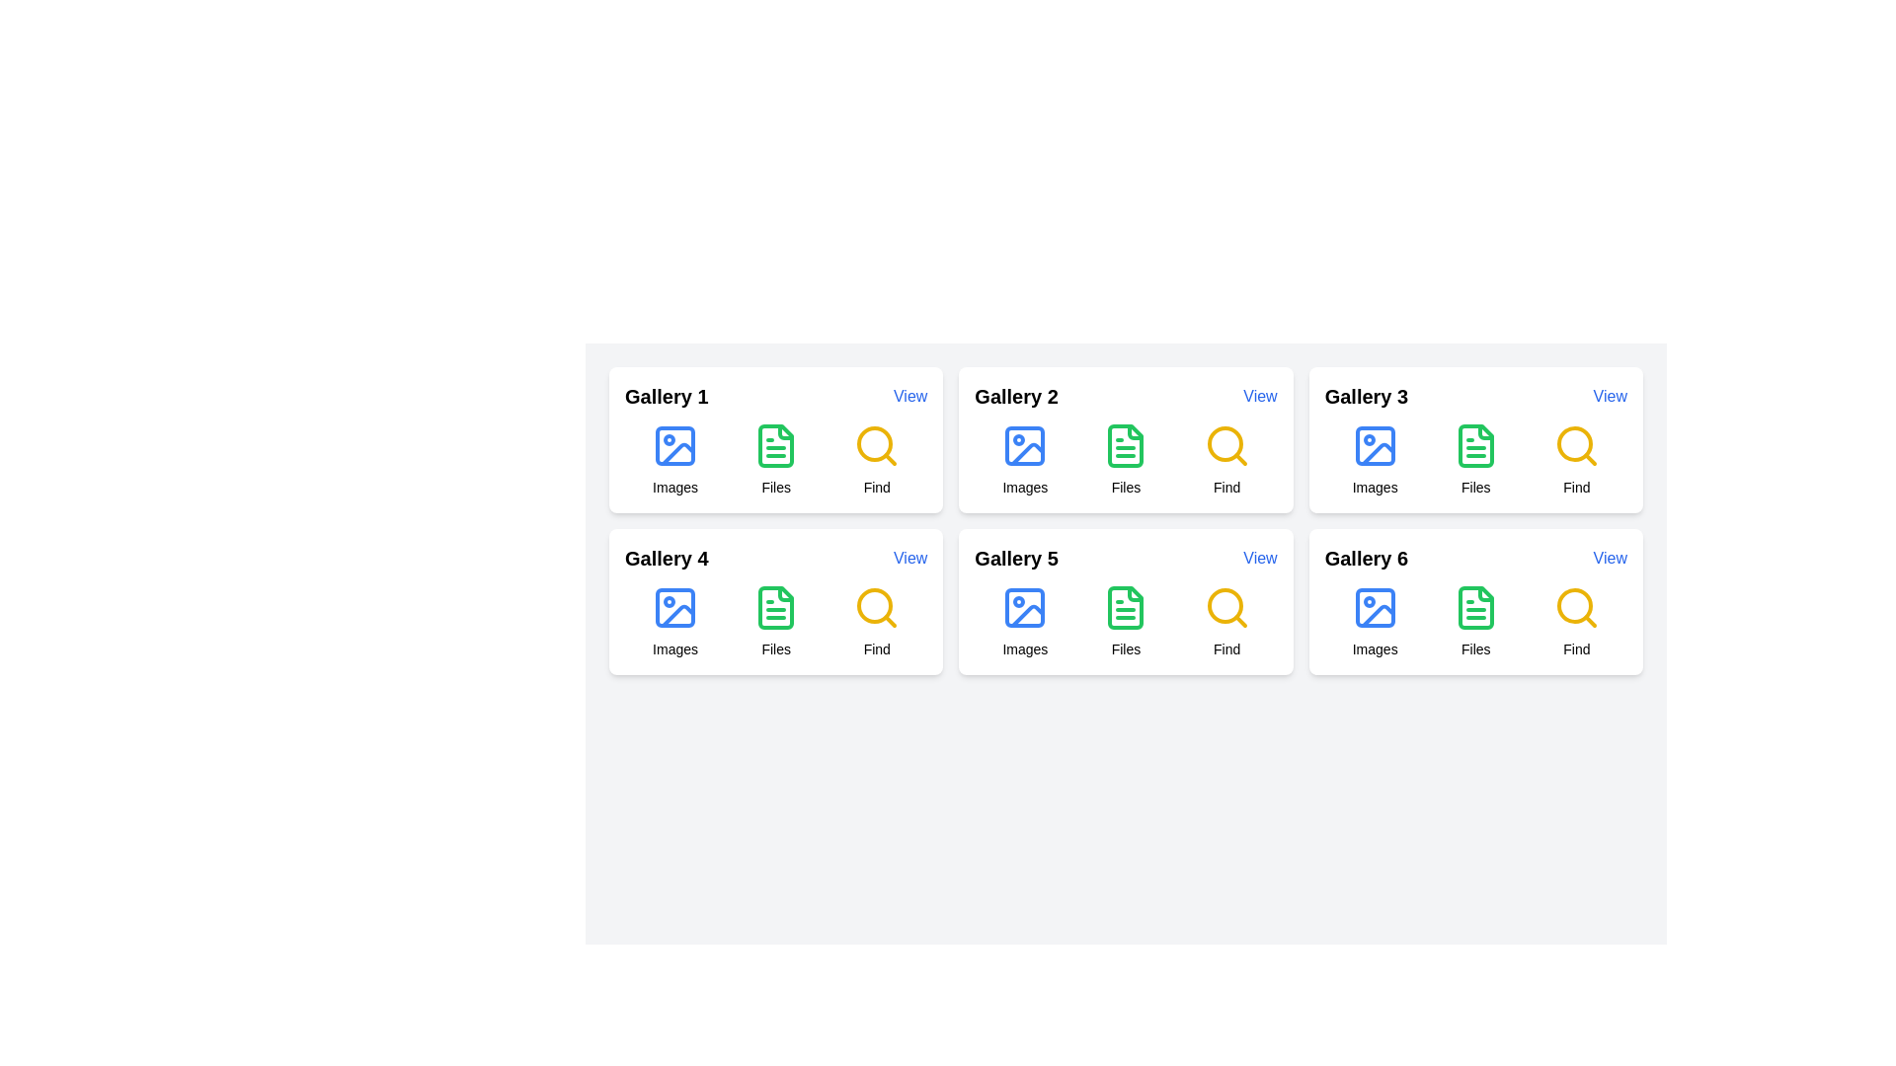  I want to click on the search button located in the 'Gallery 3' section, which is the third element in the group of 'Images', 'Files', and 'Find', to initiate a search, so click(1575, 460).